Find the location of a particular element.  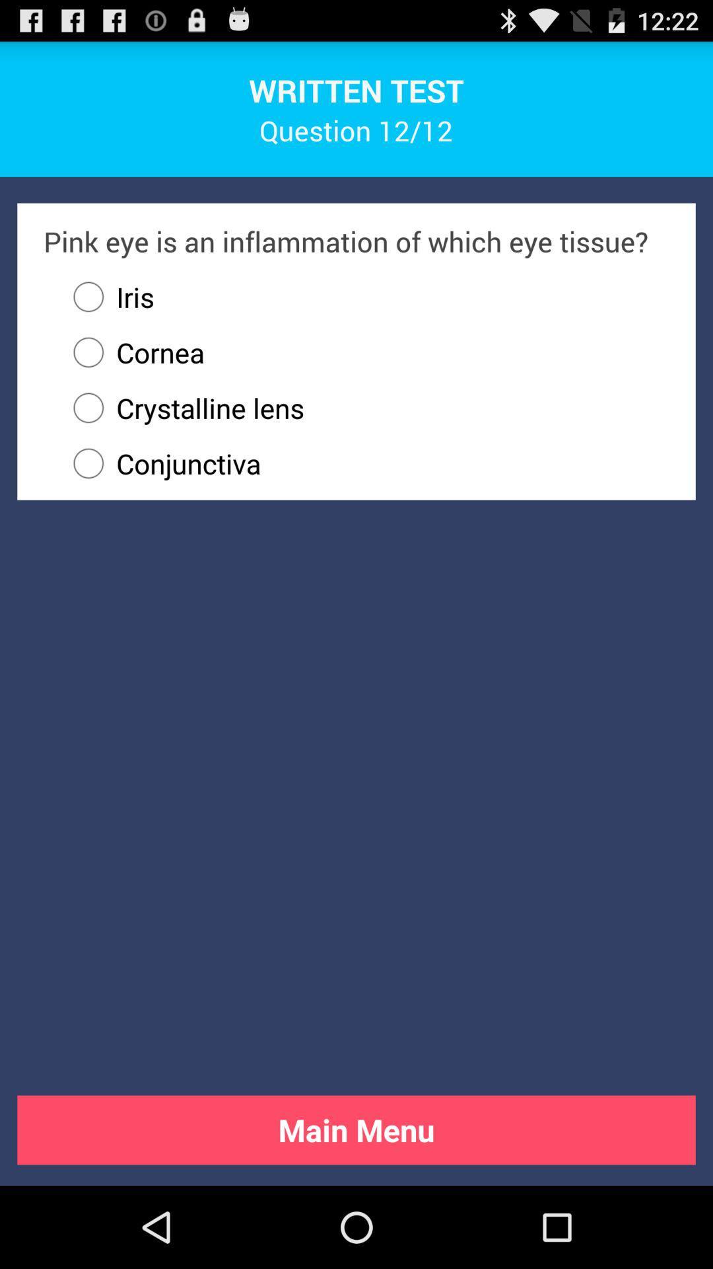

button above main menu is located at coordinates (365, 463).